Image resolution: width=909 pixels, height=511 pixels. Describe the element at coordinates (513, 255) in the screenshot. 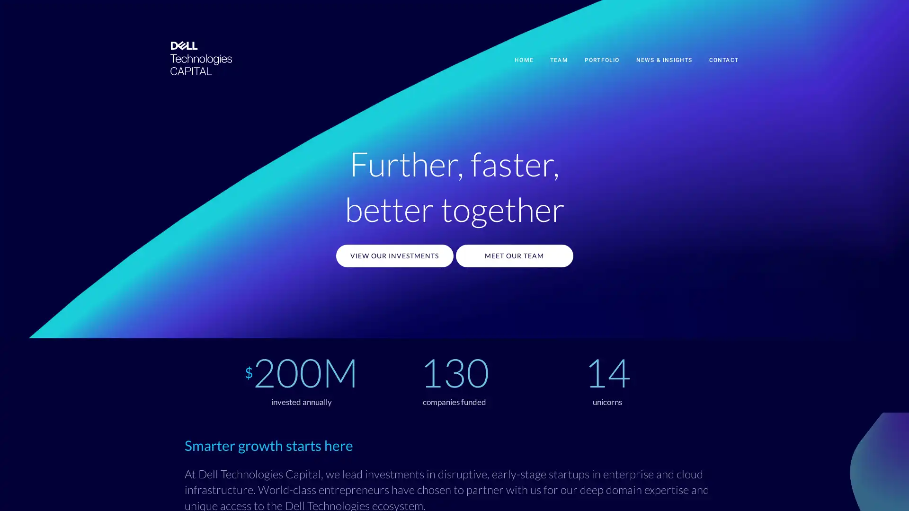

I see `MEET OUR TEAM` at that location.